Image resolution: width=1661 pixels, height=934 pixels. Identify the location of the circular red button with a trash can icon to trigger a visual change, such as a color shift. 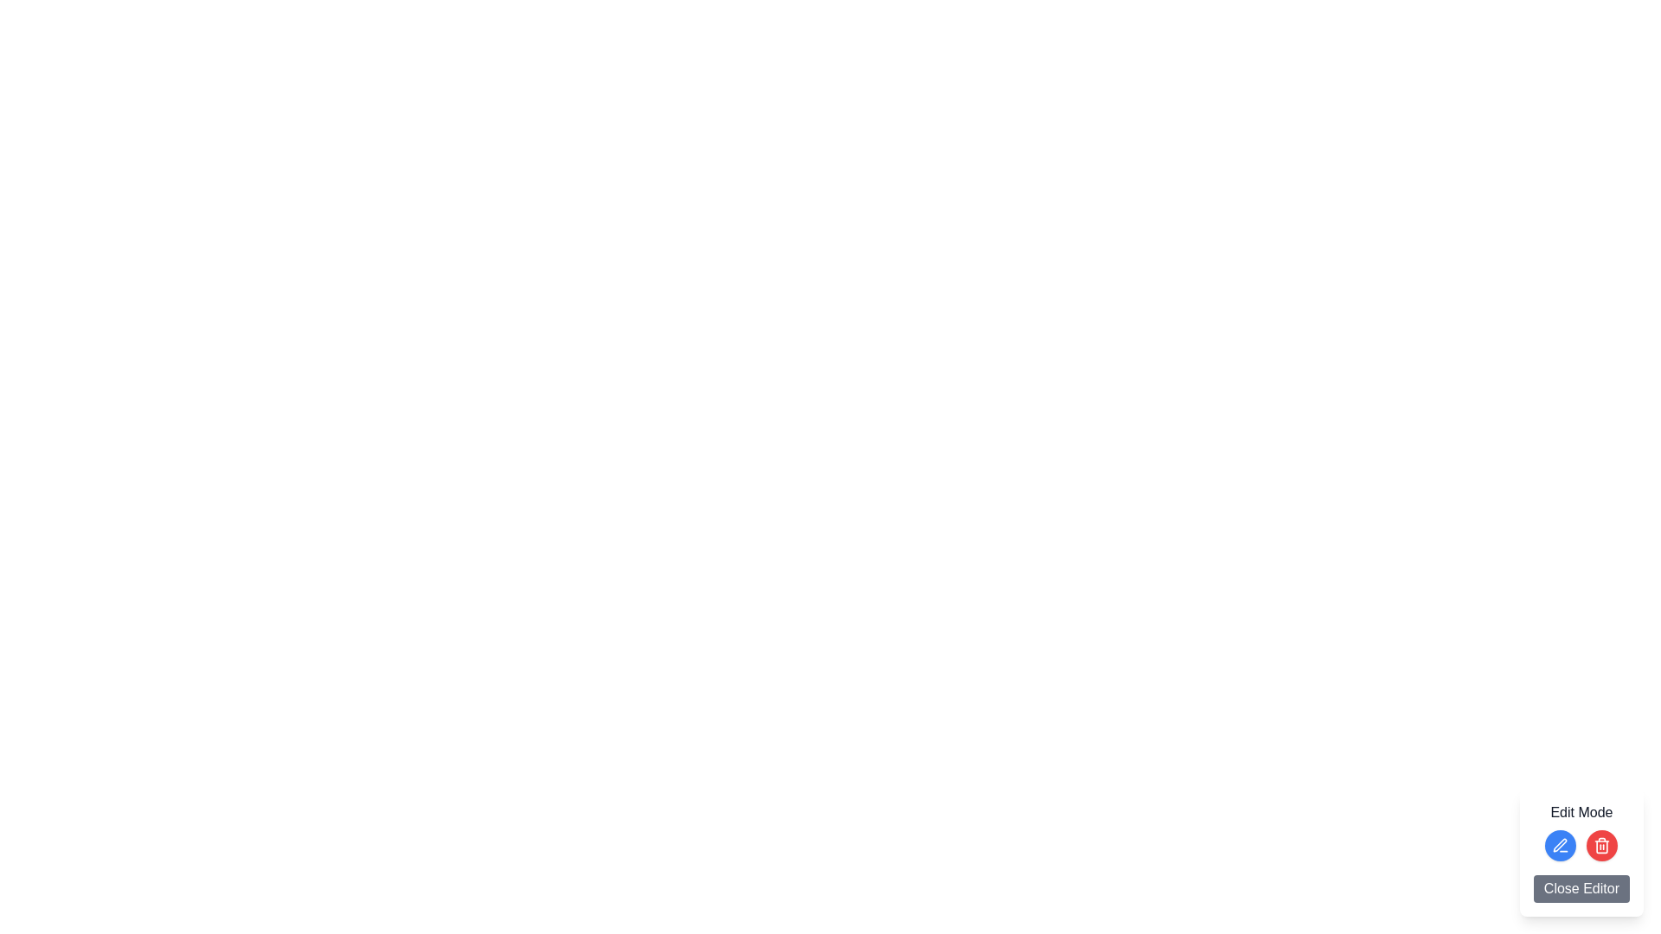
(1601, 845).